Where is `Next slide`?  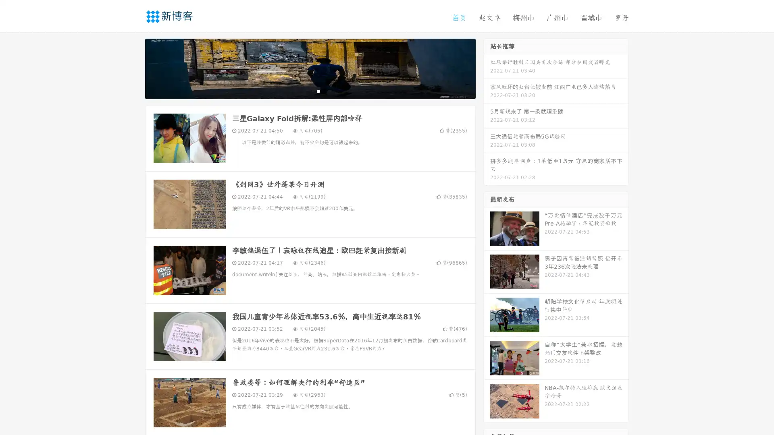 Next slide is located at coordinates (487, 68).